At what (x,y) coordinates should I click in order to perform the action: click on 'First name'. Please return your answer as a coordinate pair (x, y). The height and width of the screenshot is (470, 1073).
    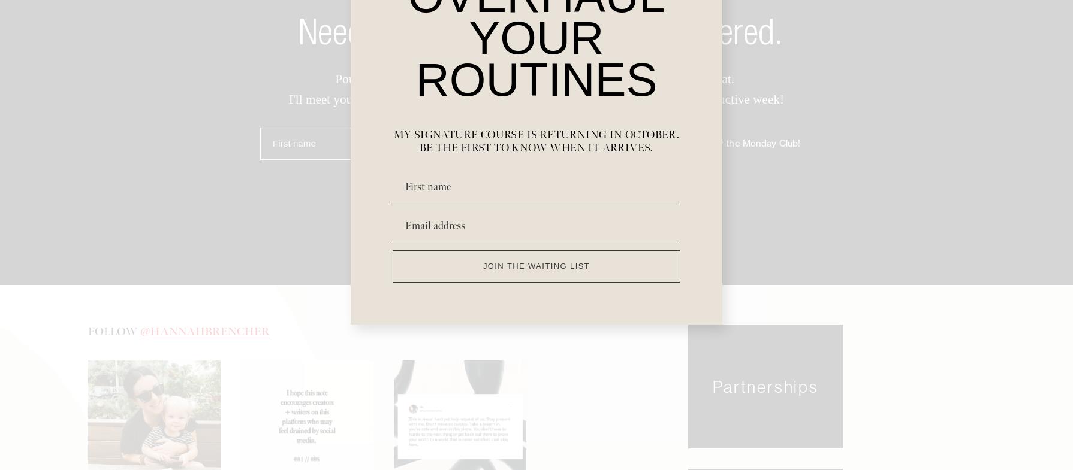
    Looking at the image, I should click on (293, 147).